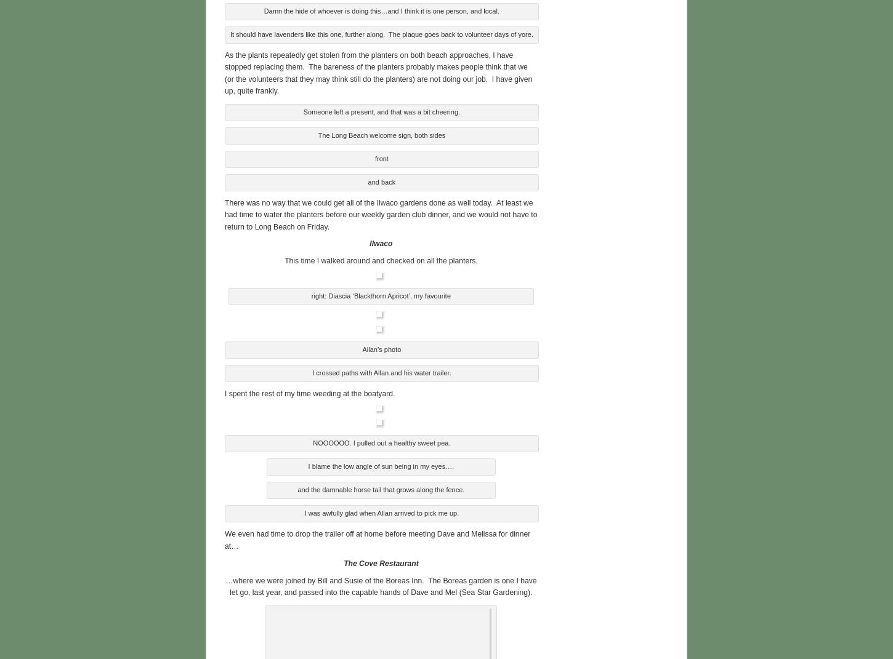  What do you see at coordinates (380, 242) in the screenshot?
I see `'Ilwaco'` at bounding box center [380, 242].